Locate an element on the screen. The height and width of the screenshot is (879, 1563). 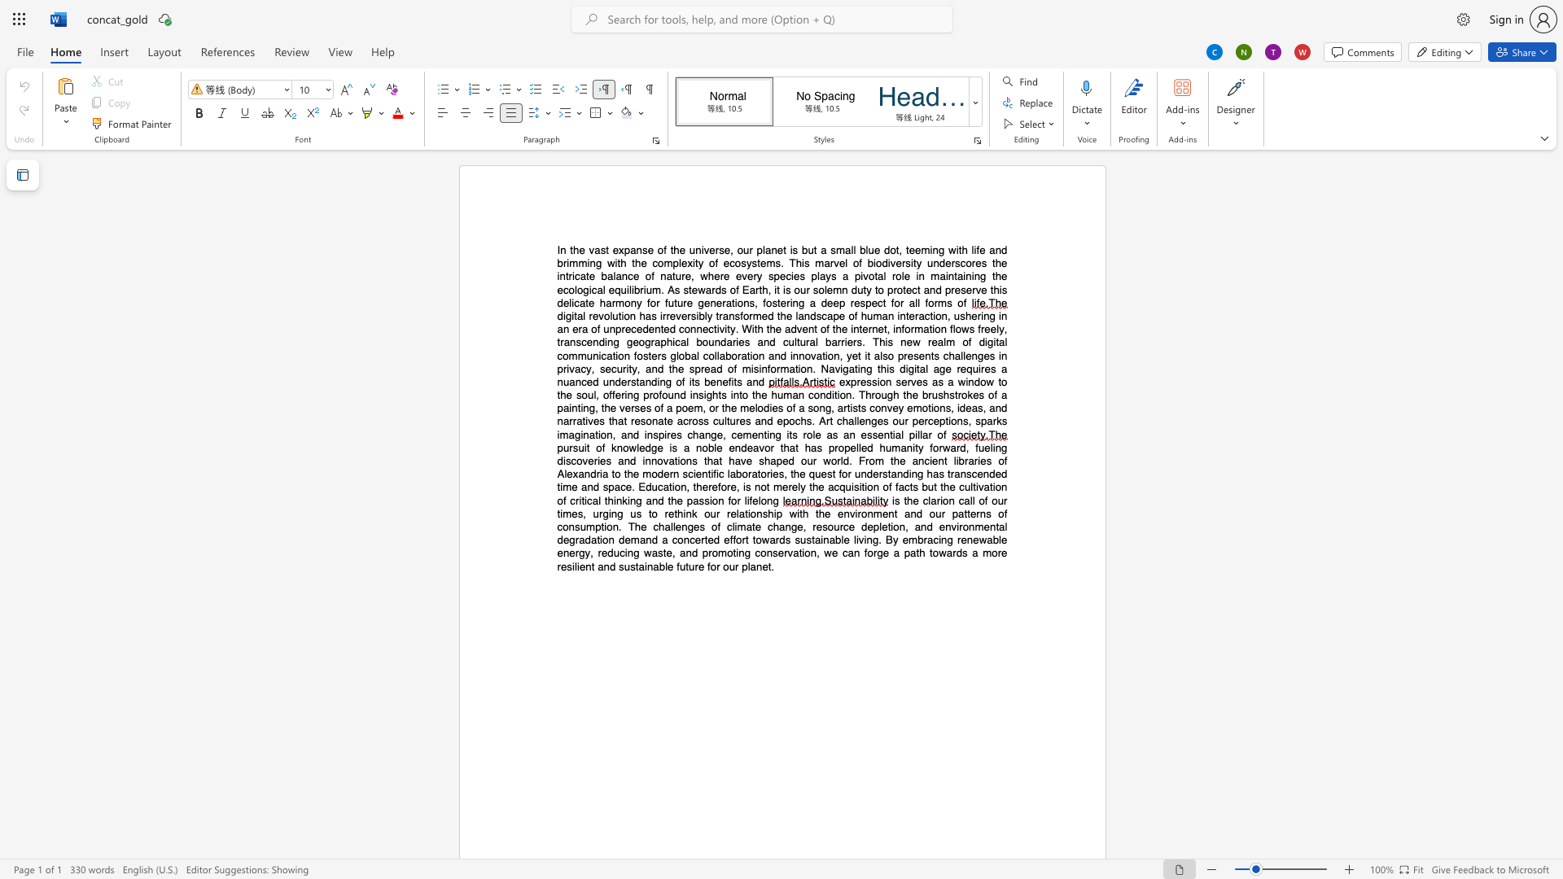
the 12th character "r" in the text is located at coordinates (574, 420).